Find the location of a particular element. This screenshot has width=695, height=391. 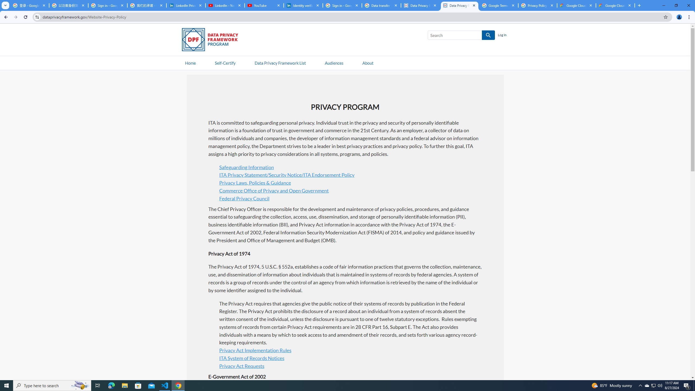

'AutomationID: navitem' is located at coordinates (334, 62).